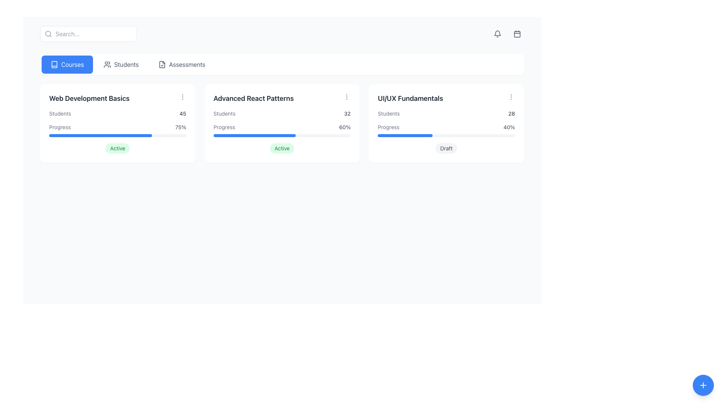 This screenshot has height=408, width=726. I want to click on the '+' icon styled in a circular blue button located at the bottom-right corner of the interface, so click(703, 385).